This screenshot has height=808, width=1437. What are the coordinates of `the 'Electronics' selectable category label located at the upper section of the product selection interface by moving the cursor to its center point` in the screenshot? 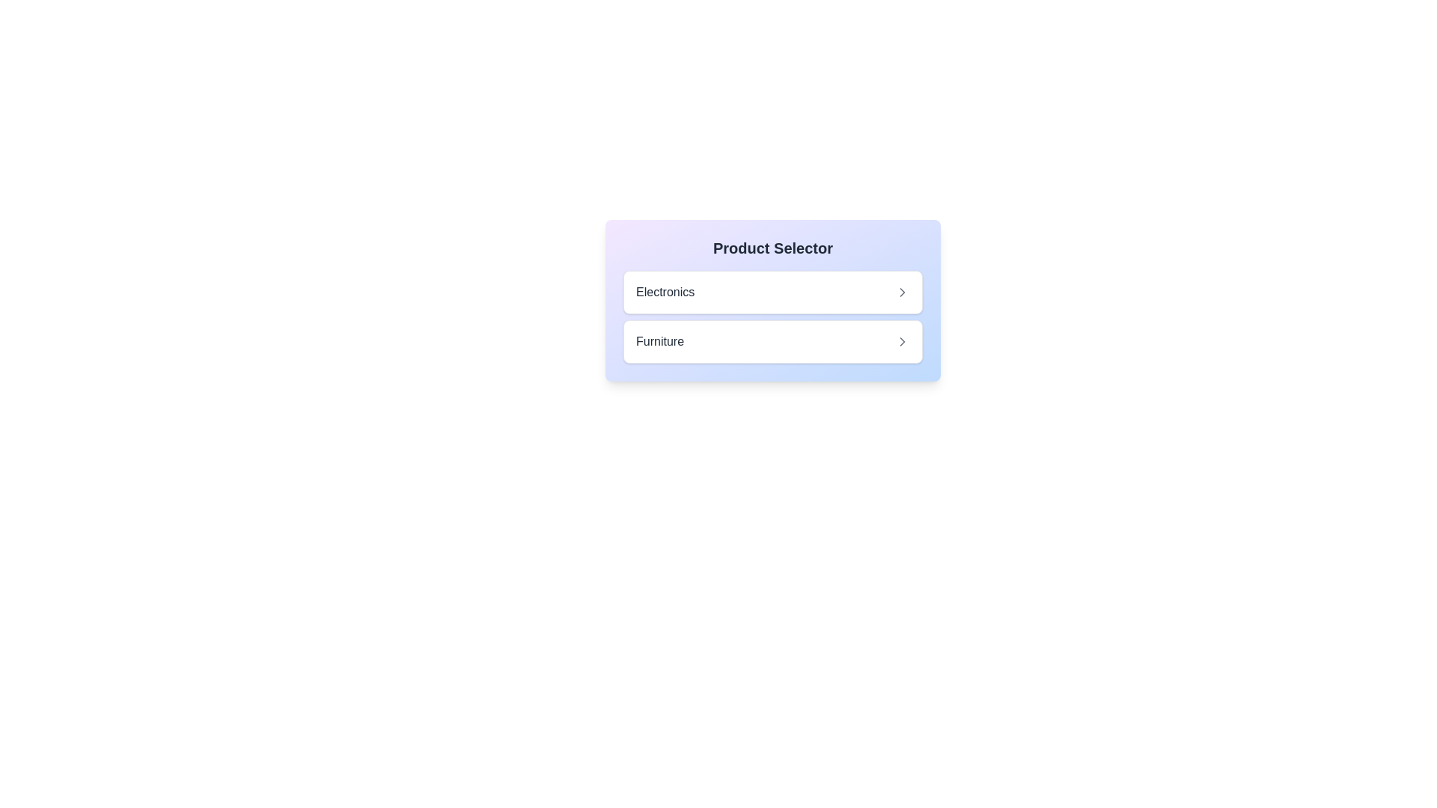 It's located at (665, 292).